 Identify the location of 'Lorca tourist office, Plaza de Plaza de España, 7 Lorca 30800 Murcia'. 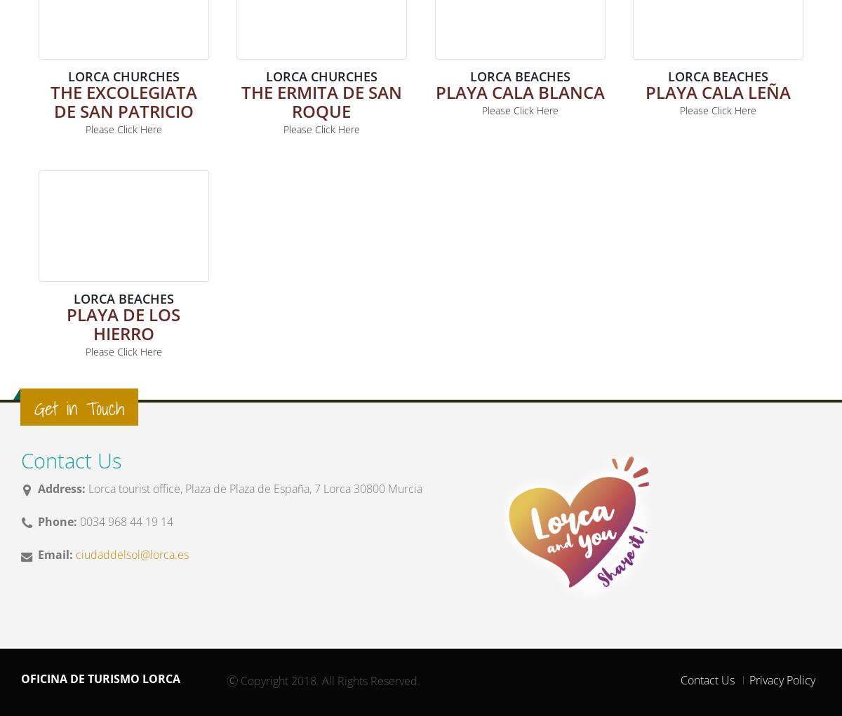
(254, 488).